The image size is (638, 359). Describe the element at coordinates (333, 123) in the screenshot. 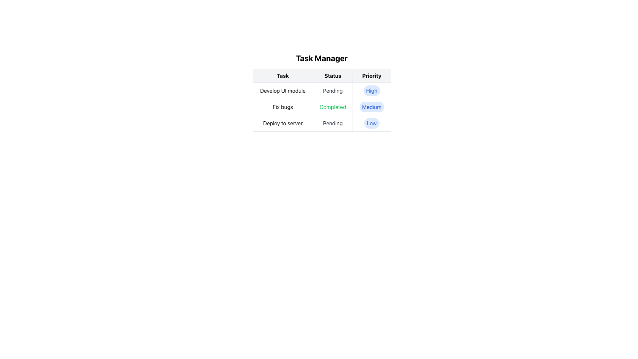

I see `the non-interactive label displaying the status 'Pending' in the third row of the table under the 'Status' column` at that location.